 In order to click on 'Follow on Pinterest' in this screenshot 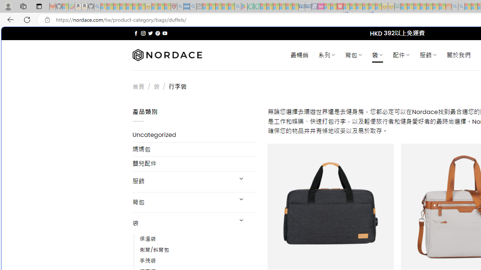, I will do `click(157, 33)`.